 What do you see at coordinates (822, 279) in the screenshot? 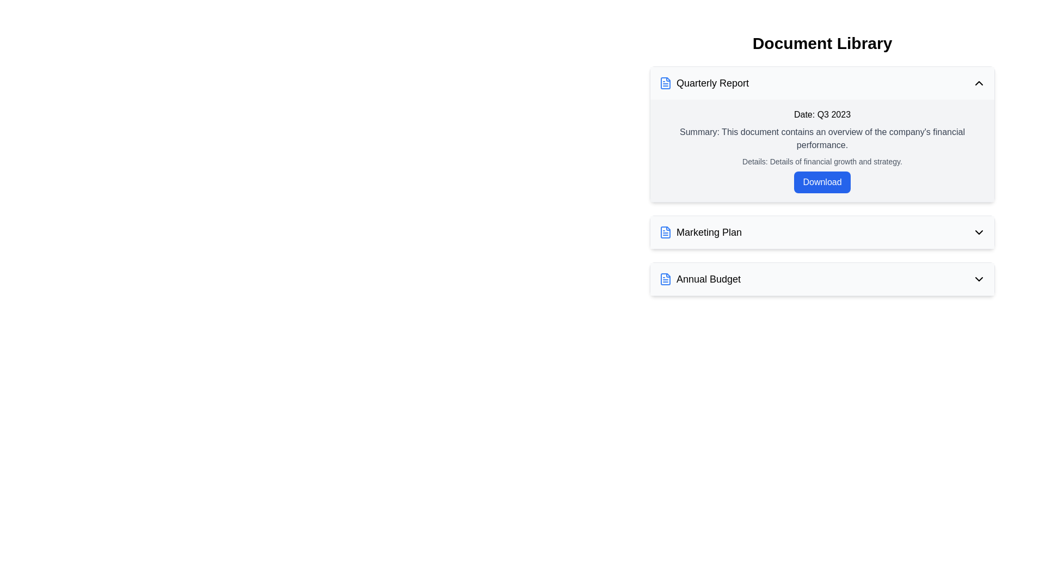
I see `the third interactive list item labeled 'Annual Budget'` at bounding box center [822, 279].